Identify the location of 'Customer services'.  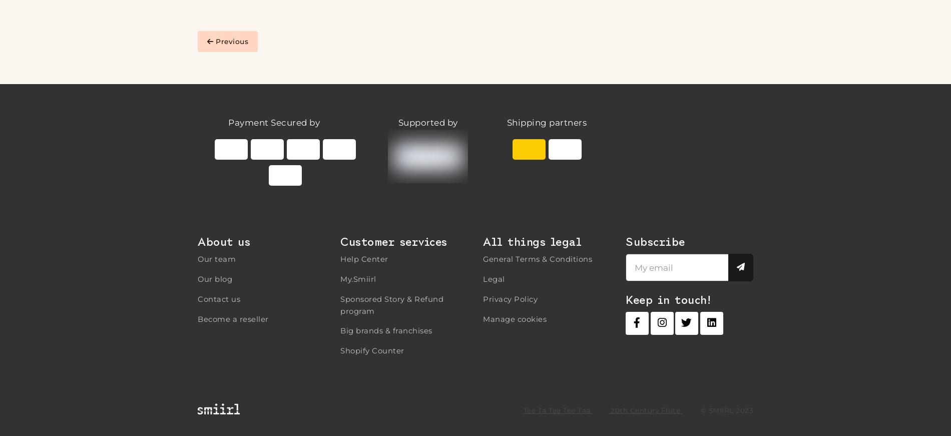
(340, 241).